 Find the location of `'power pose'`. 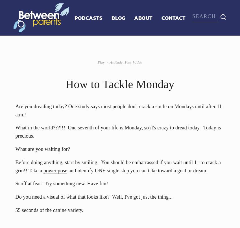

'power pose' is located at coordinates (55, 170).